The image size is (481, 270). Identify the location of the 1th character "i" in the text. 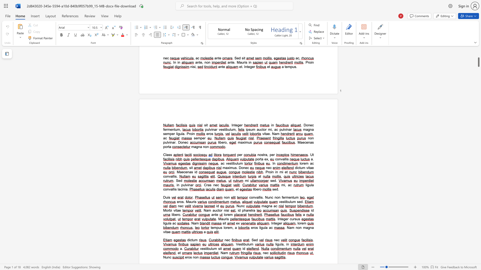
(271, 172).